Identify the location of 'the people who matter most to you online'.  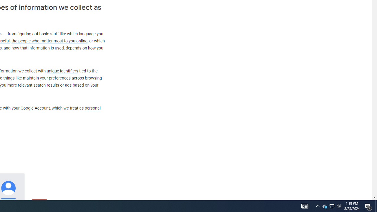
(49, 41).